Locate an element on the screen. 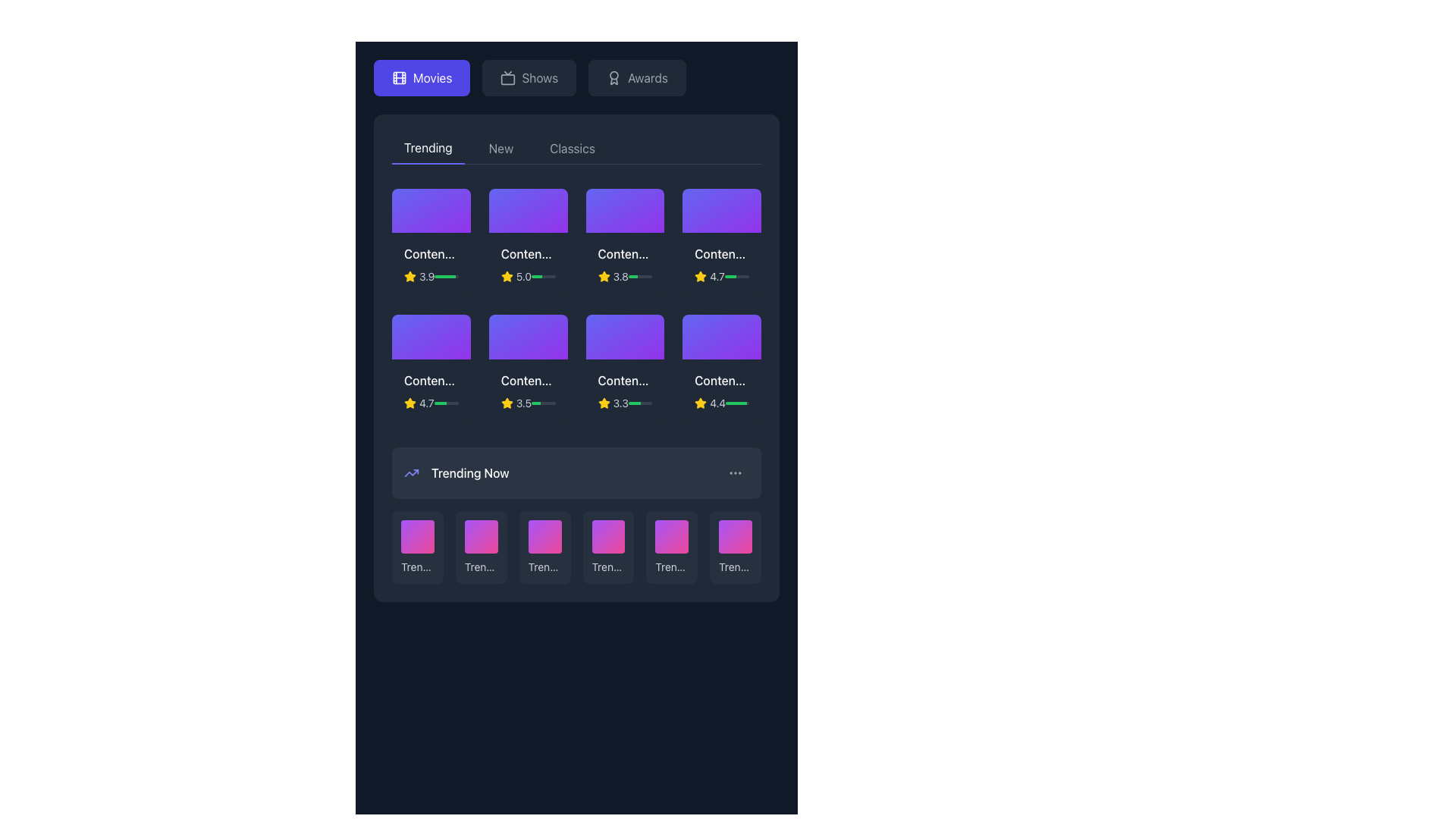 The width and height of the screenshot is (1456, 819). the Interactive Media Panel located in the bottom-right corner of the grid layout within the 'Trending' section is located at coordinates (721, 336).